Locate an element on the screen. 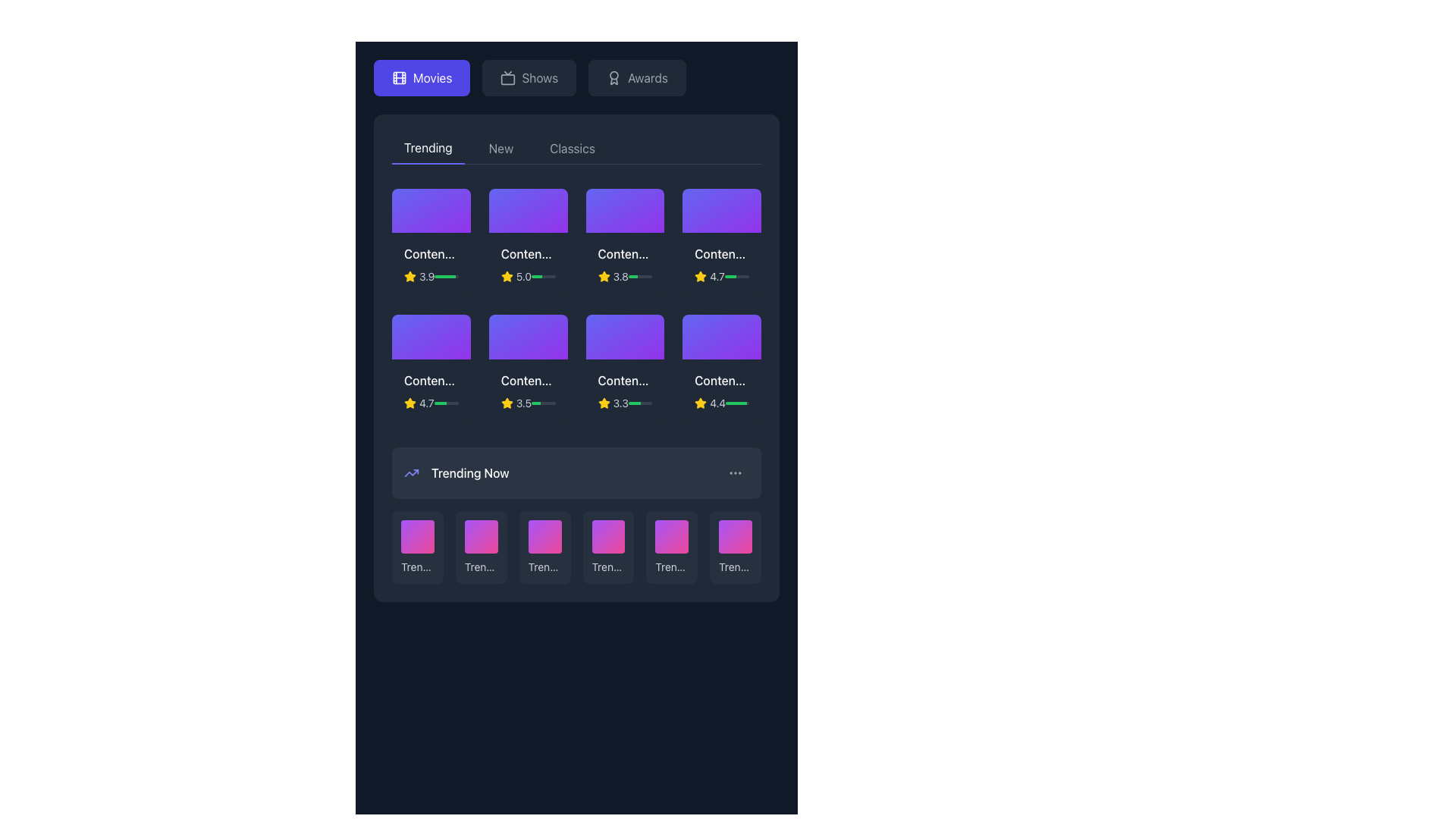 The width and height of the screenshot is (1456, 819). the Interactive Media Panel located in the bottom-right corner of the grid layout within the 'Trending' section is located at coordinates (721, 336).